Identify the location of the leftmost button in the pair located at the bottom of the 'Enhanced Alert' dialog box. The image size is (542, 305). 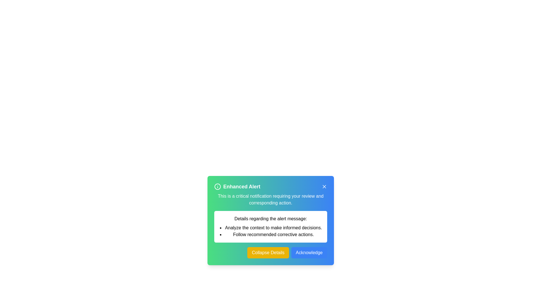
(270, 252).